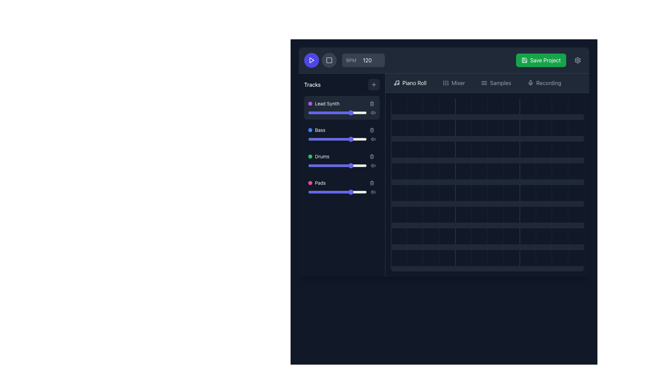 Image resolution: width=651 pixels, height=366 pixels. Describe the element at coordinates (335, 139) in the screenshot. I see `the bass level` at that location.